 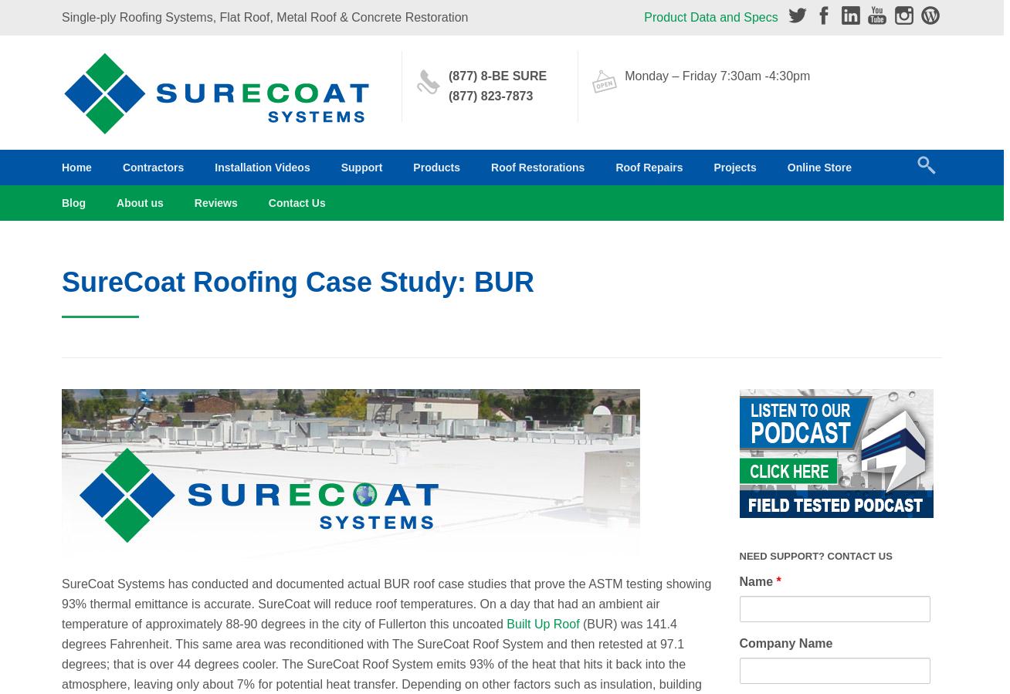 I want to click on '(877) 823-7873', so click(x=490, y=95).